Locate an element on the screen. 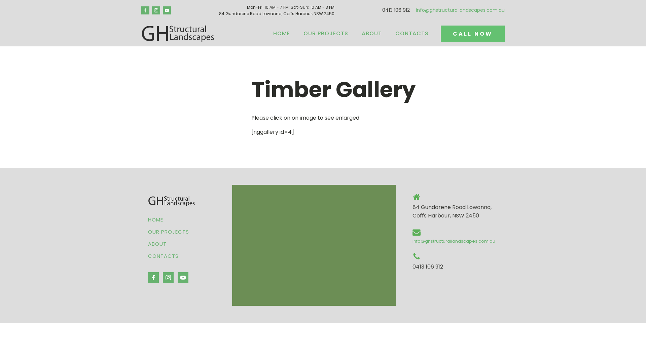  'info@ghstructurallandscapes.com.au' is located at coordinates (454, 241).